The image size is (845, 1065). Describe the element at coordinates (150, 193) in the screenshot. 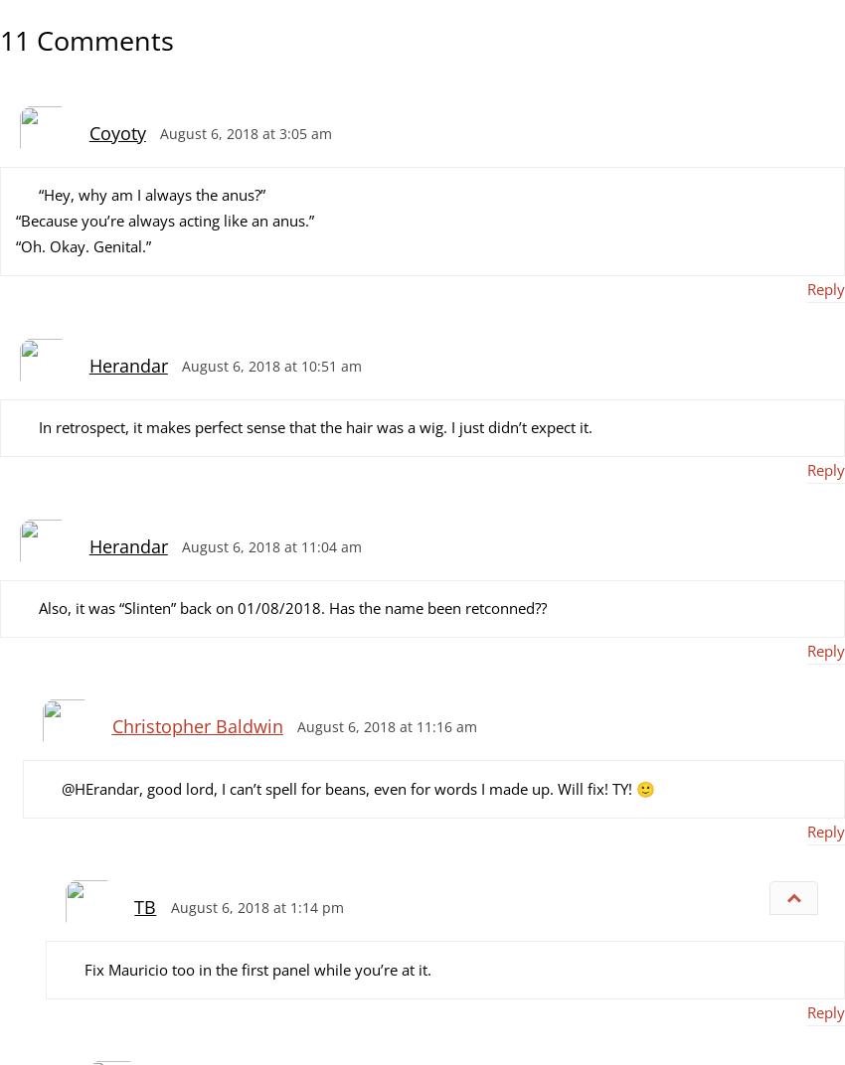

I see `'“Hey, why am I always the anus?”'` at that location.